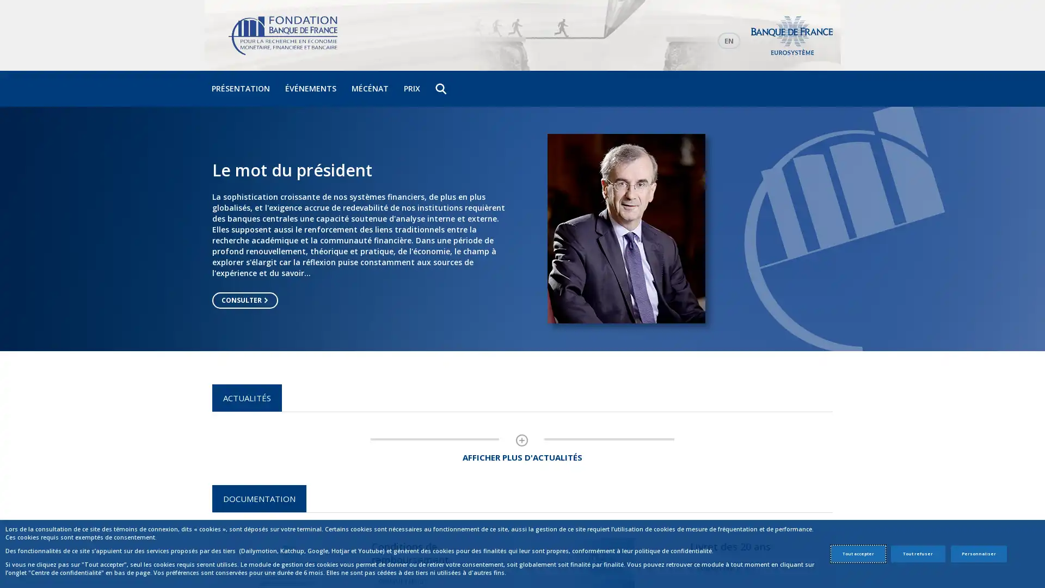  Describe the element at coordinates (917, 554) in the screenshot. I see `Reject proposed privacy settings` at that location.